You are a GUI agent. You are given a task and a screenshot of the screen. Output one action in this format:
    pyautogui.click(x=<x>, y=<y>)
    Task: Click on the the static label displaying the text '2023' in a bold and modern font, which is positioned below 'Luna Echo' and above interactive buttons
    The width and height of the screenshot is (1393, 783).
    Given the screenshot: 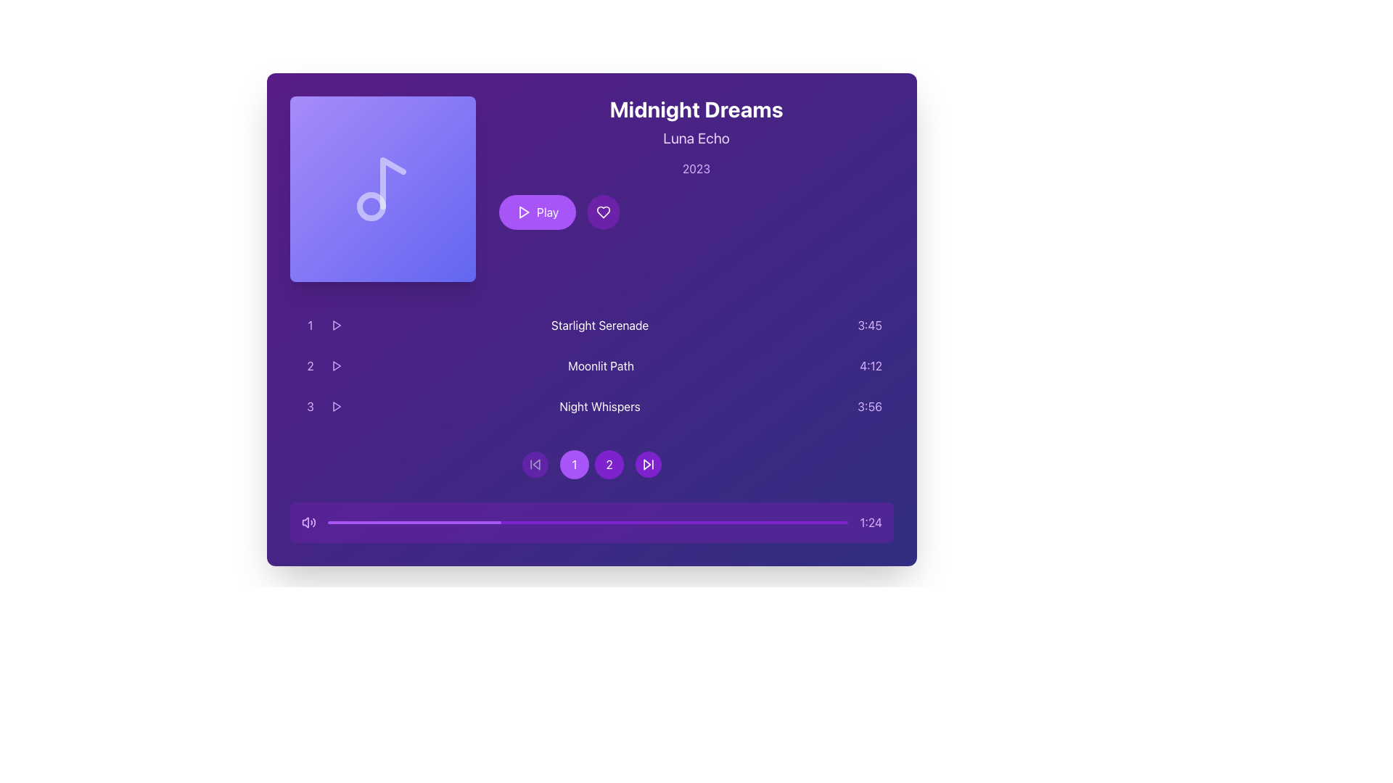 What is the action you would take?
    pyautogui.click(x=696, y=167)
    